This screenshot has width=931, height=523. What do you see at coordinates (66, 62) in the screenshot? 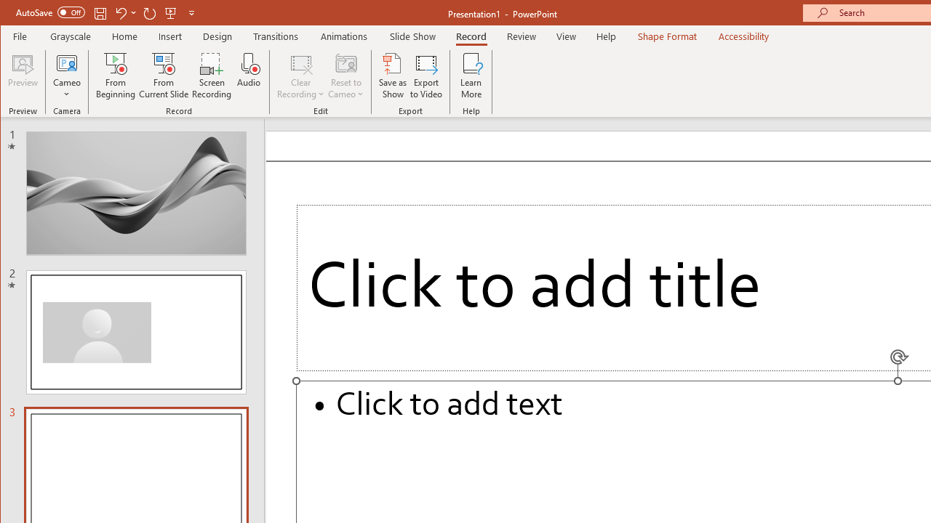
I see `'Cameo'` at bounding box center [66, 62].